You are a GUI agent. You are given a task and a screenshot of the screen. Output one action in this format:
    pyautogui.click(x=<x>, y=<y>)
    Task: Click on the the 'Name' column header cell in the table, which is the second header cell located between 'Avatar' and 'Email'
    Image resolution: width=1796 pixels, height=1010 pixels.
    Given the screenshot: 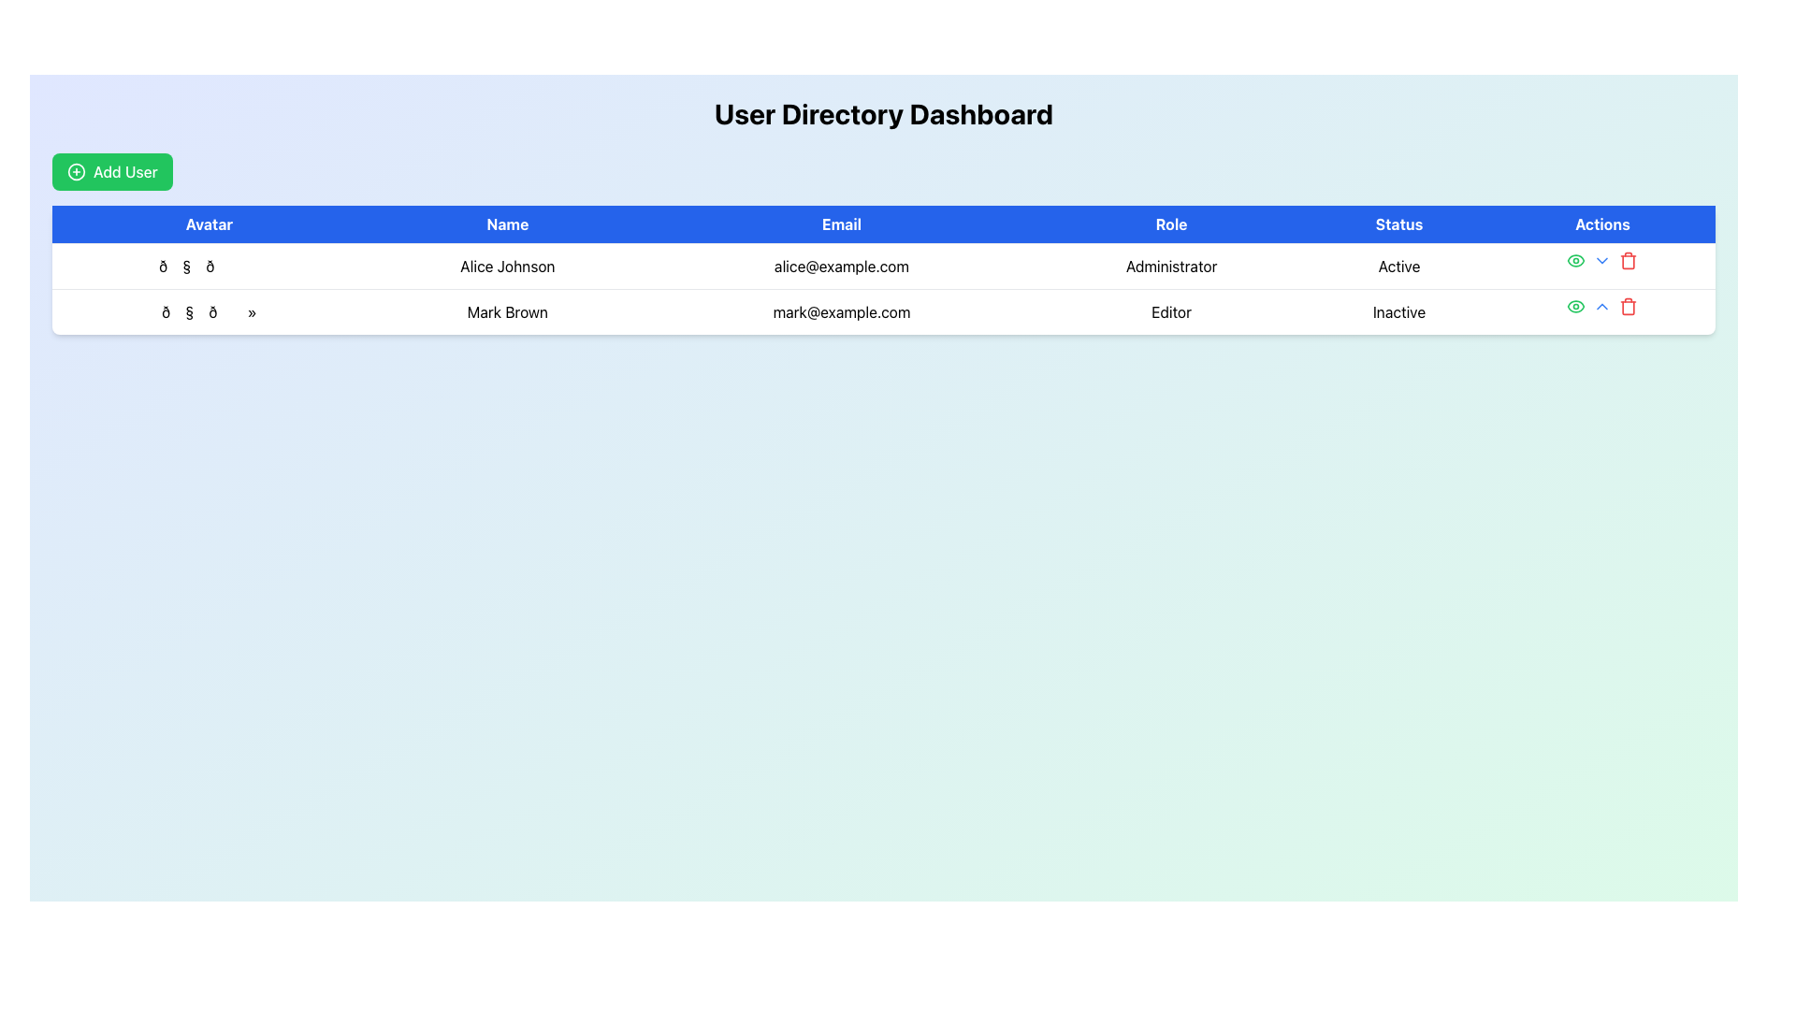 What is the action you would take?
    pyautogui.click(x=507, y=224)
    